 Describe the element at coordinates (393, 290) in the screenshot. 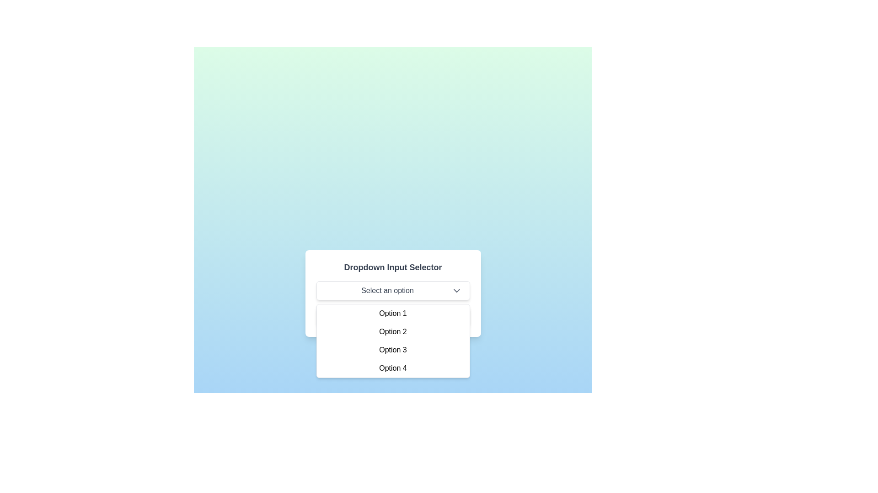

I see `the 'Select an option' dropdown menu, which is the first interactive component below the title 'Dropdown Input Selector'` at that location.